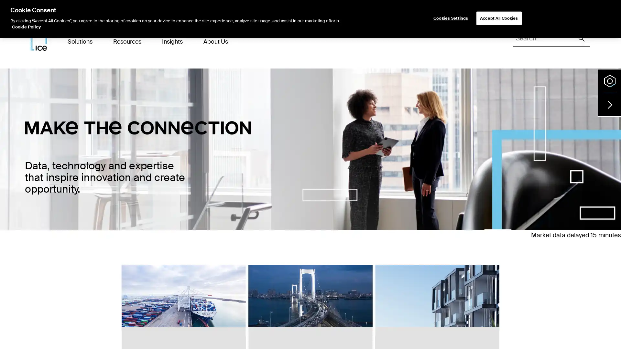 The width and height of the screenshot is (621, 349). Describe the element at coordinates (450, 18) in the screenshot. I see `Cookies Settings` at that location.